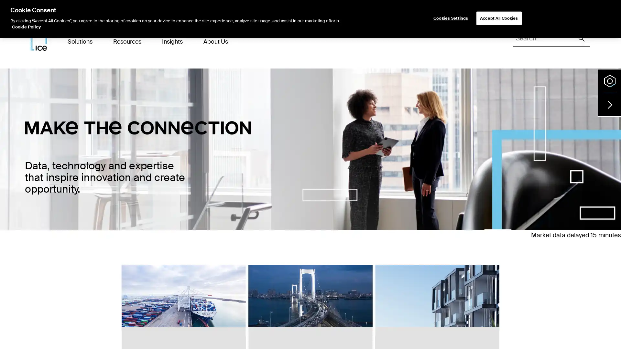 The width and height of the screenshot is (621, 349). Describe the element at coordinates (450, 18) in the screenshot. I see `Cookies Settings` at that location.